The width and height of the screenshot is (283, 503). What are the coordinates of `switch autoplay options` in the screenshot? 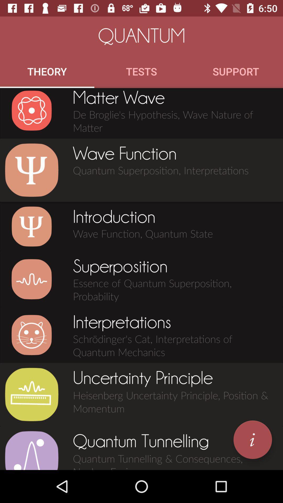 It's located at (31, 279).